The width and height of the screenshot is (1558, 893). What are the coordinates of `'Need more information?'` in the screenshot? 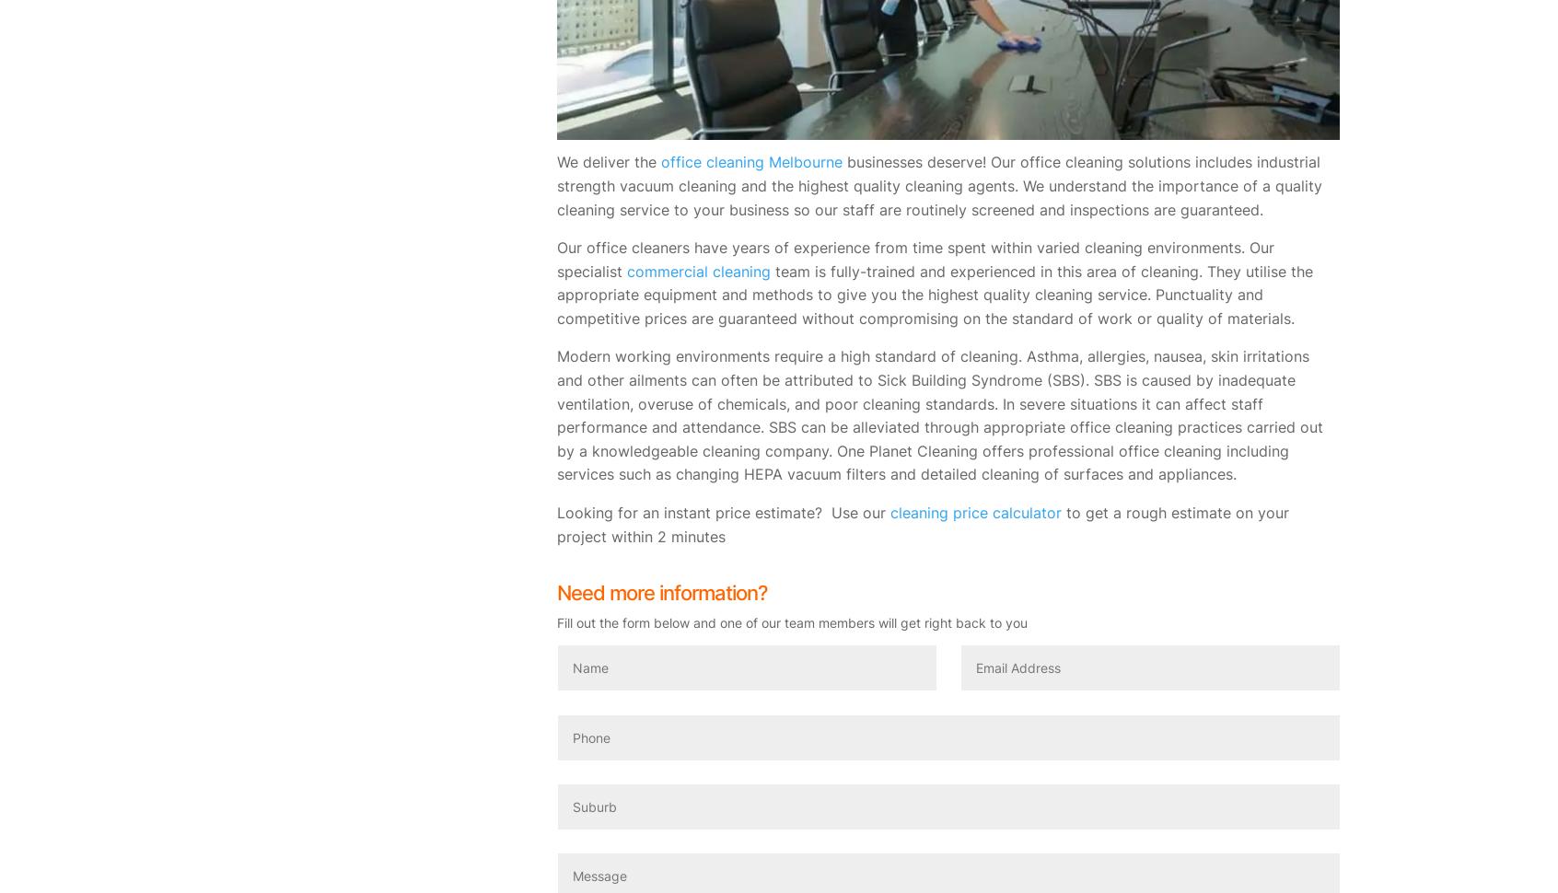 It's located at (661, 591).